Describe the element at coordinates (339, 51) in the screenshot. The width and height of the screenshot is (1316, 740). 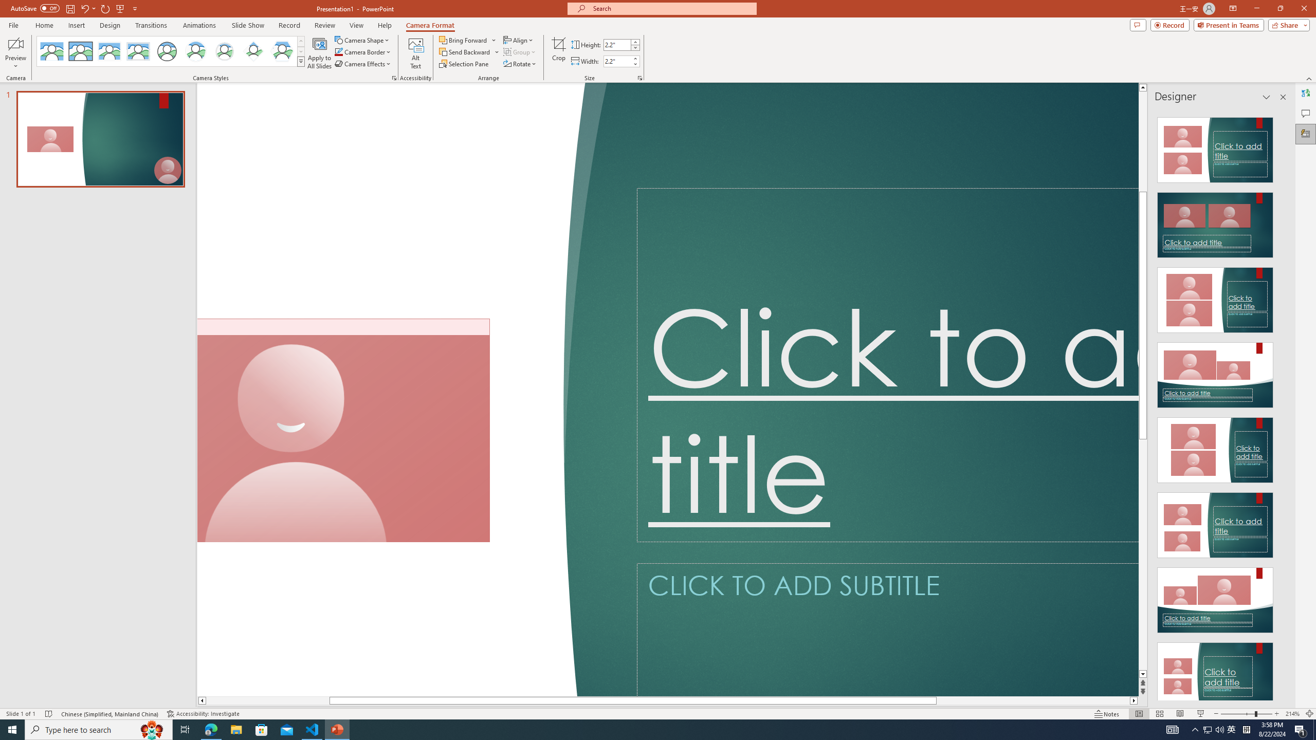
I see `'Camera Border Blue, Accent 1'` at that location.